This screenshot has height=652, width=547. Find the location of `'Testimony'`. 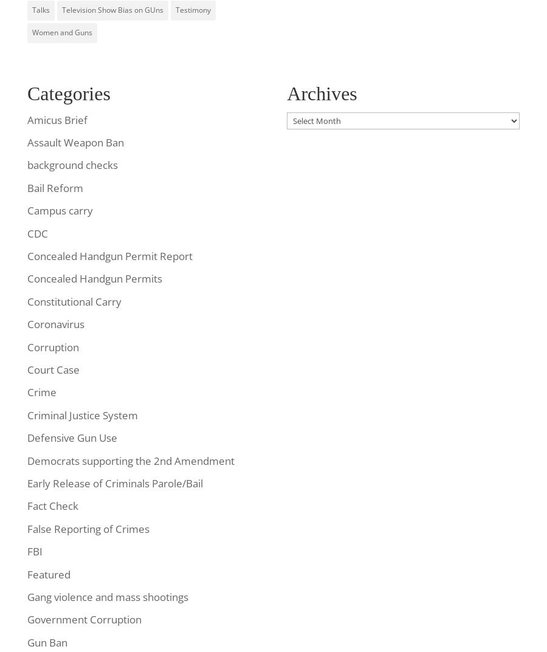

'Testimony' is located at coordinates (192, 9).